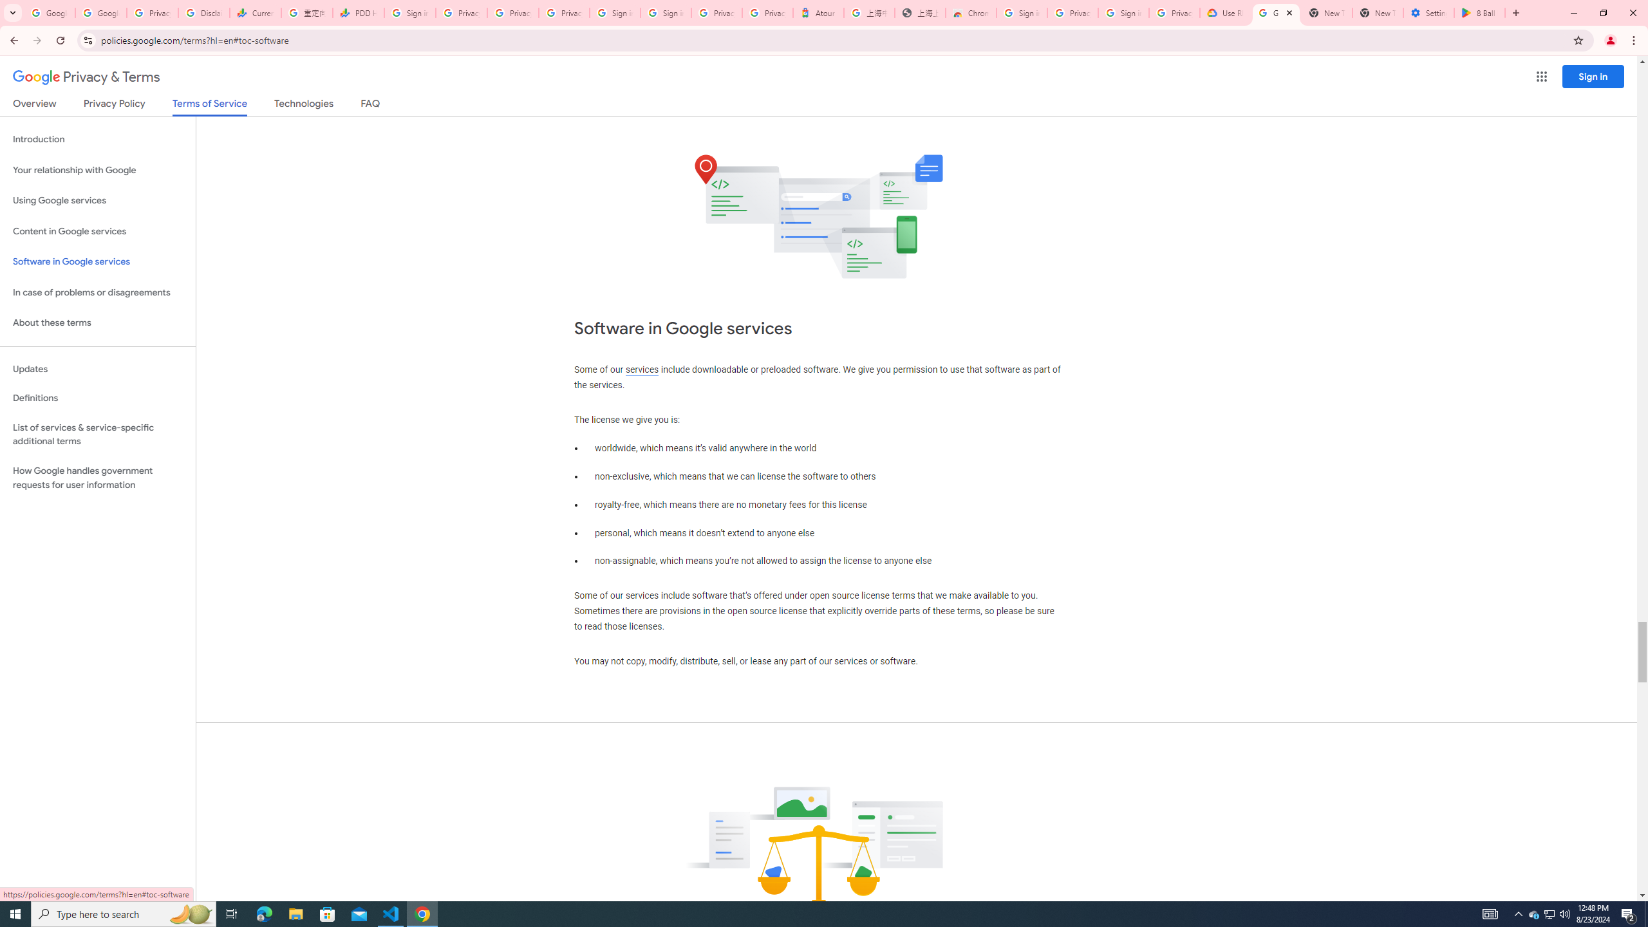  What do you see at coordinates (666, 12) in the screenshot?
I see `'Sign in - Google Accounts'` at bounding box center [666, 12].